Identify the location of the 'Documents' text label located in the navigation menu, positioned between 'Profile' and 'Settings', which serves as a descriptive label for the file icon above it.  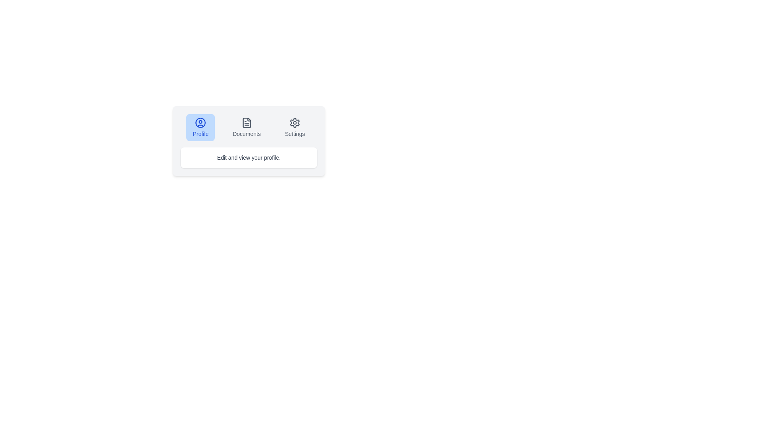
(246, 134).